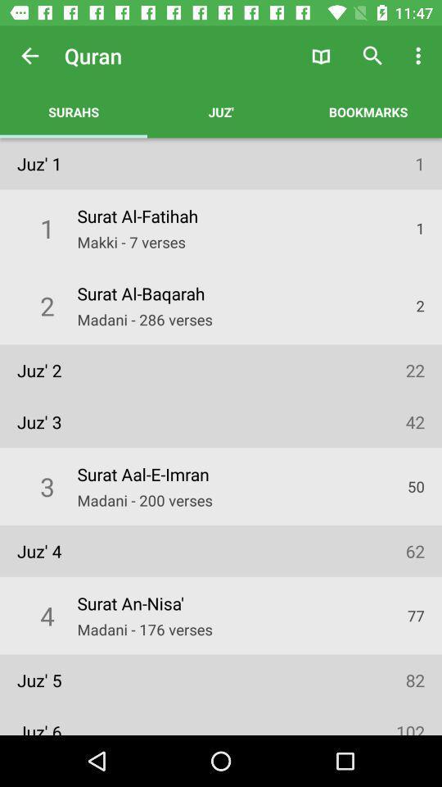 The image size is (442, 787). What do you see at coordinates (29, 56) in the screenshot?
I see `the icon above surahs` at bounding box center [29, 56].